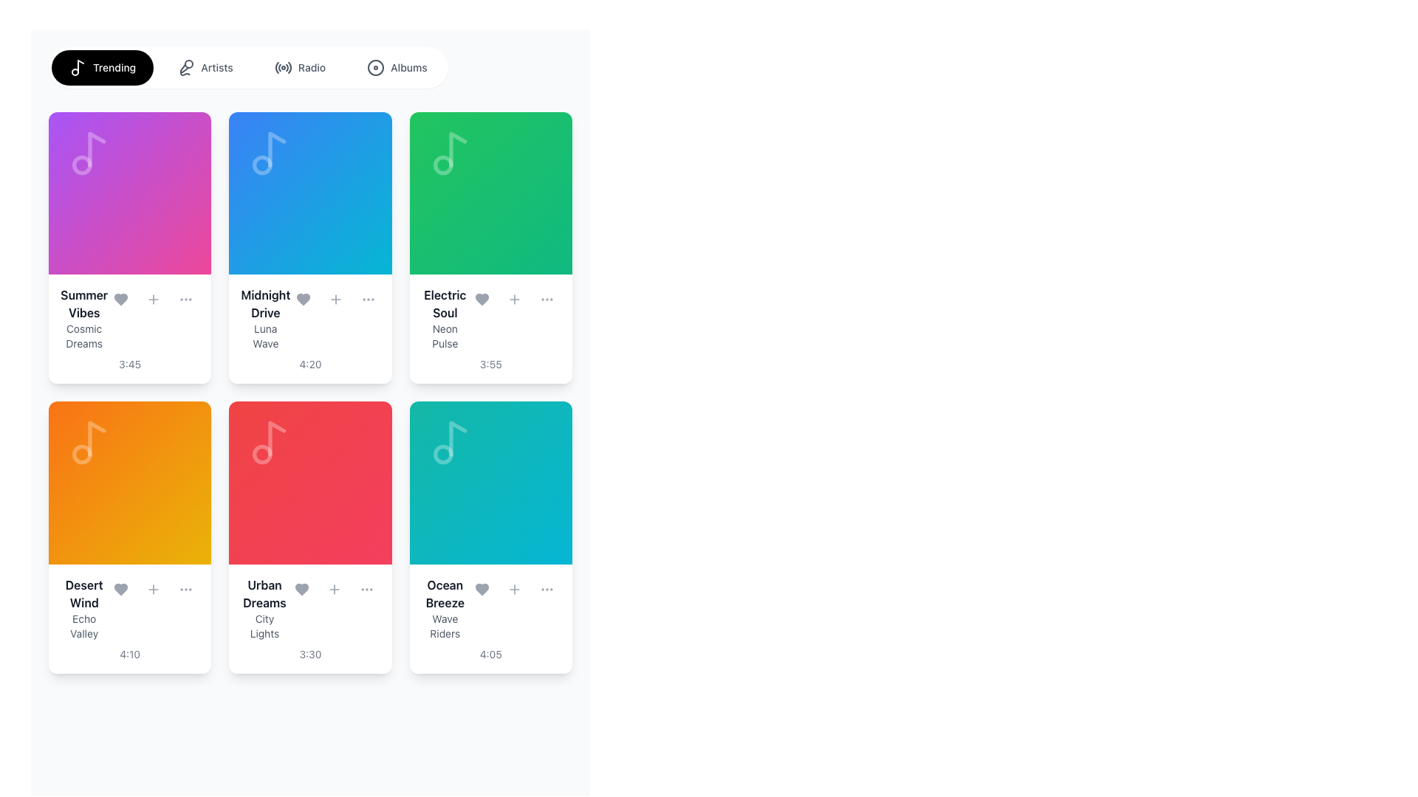 This screenshot has height=797, width=1418. Describe the element at coordinates (262, 165) in the screenshot. I see `the decorative circle element that represents the musical note in the 'Midnight Drive' card, which is the second card in the top row of the grid layout` at that location.